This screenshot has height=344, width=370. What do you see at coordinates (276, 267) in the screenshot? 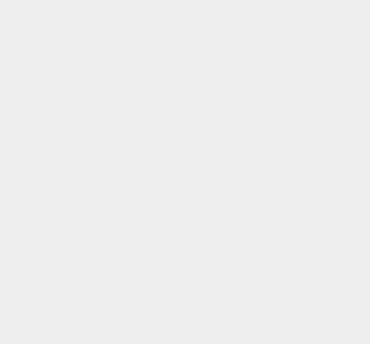
I see `'Windows Vista'` at bounding box center [276, 267].